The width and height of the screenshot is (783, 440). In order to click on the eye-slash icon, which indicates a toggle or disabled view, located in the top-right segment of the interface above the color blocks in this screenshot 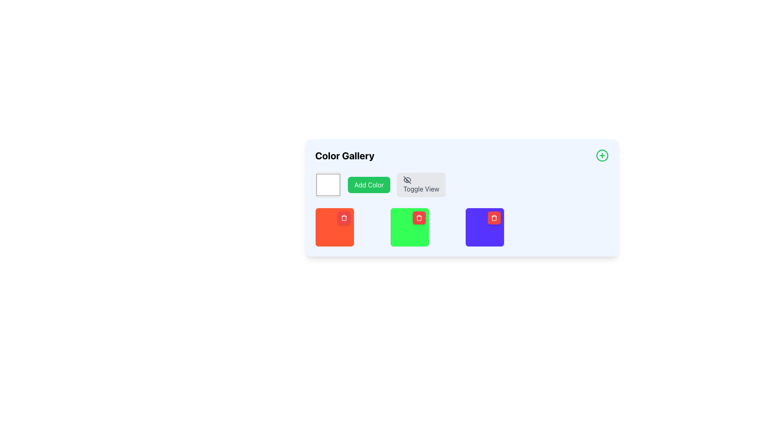, I will do `click(407, 180)`.